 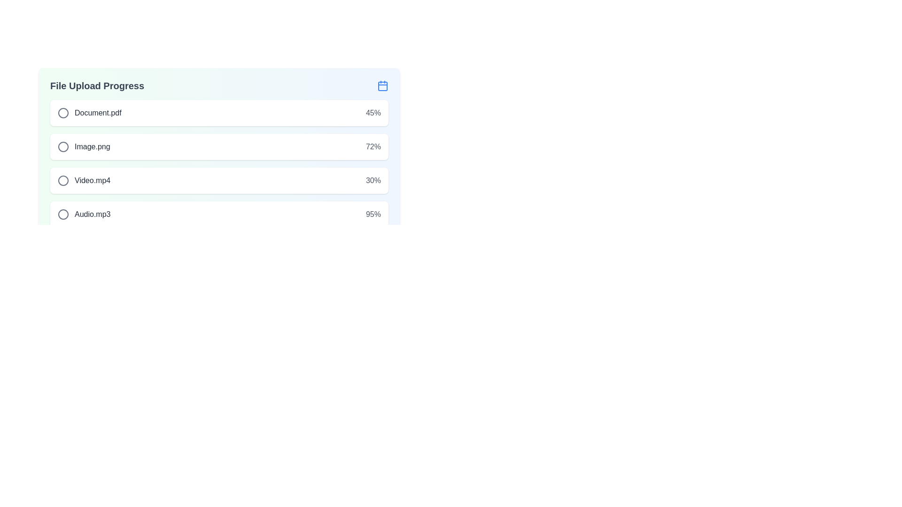 I want to click on the text label displaying 'Document.pdf' in the file upload progress interface, located between the circular icon and other file labels, so click(x=98, y=112).